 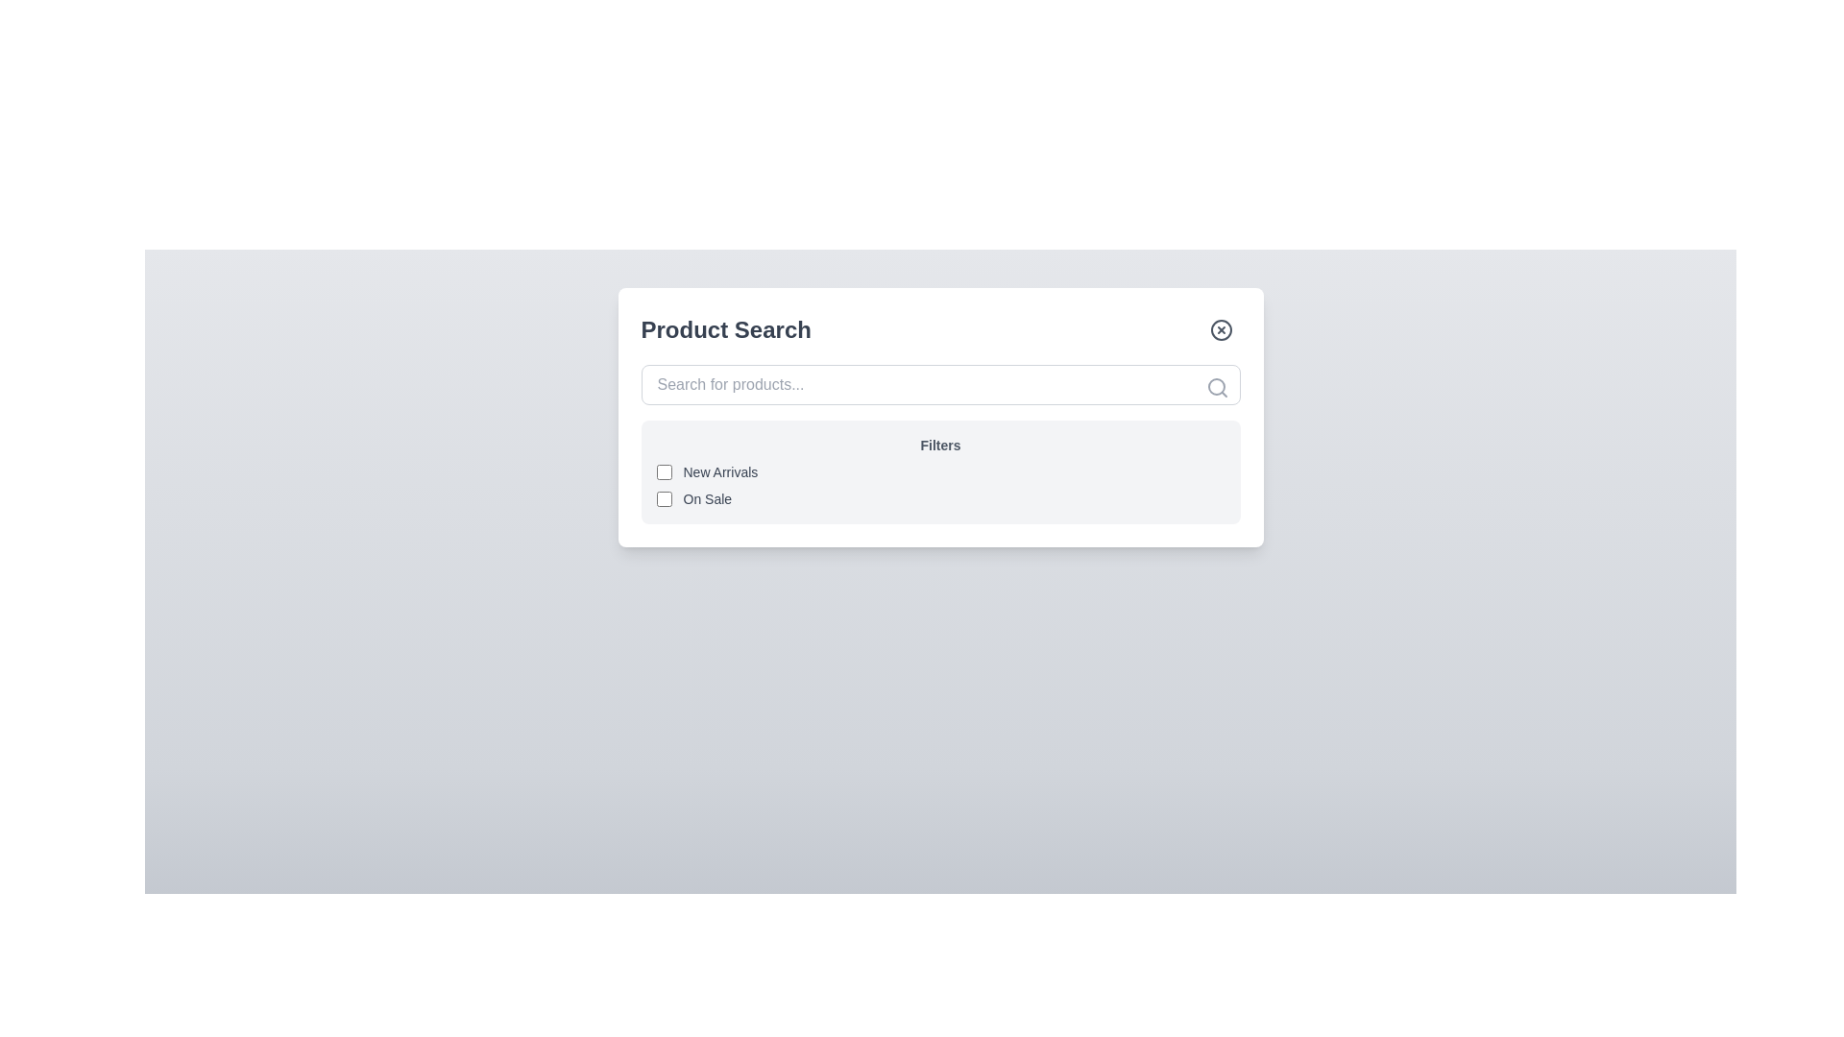 What do you see at coordinates (719, 472) in the screenshot?
I see `the text label for the 'New Arrivals' checkbox located to the immediate right of the checkbox in the 'Filters' section` at bounding box center [719, 472].